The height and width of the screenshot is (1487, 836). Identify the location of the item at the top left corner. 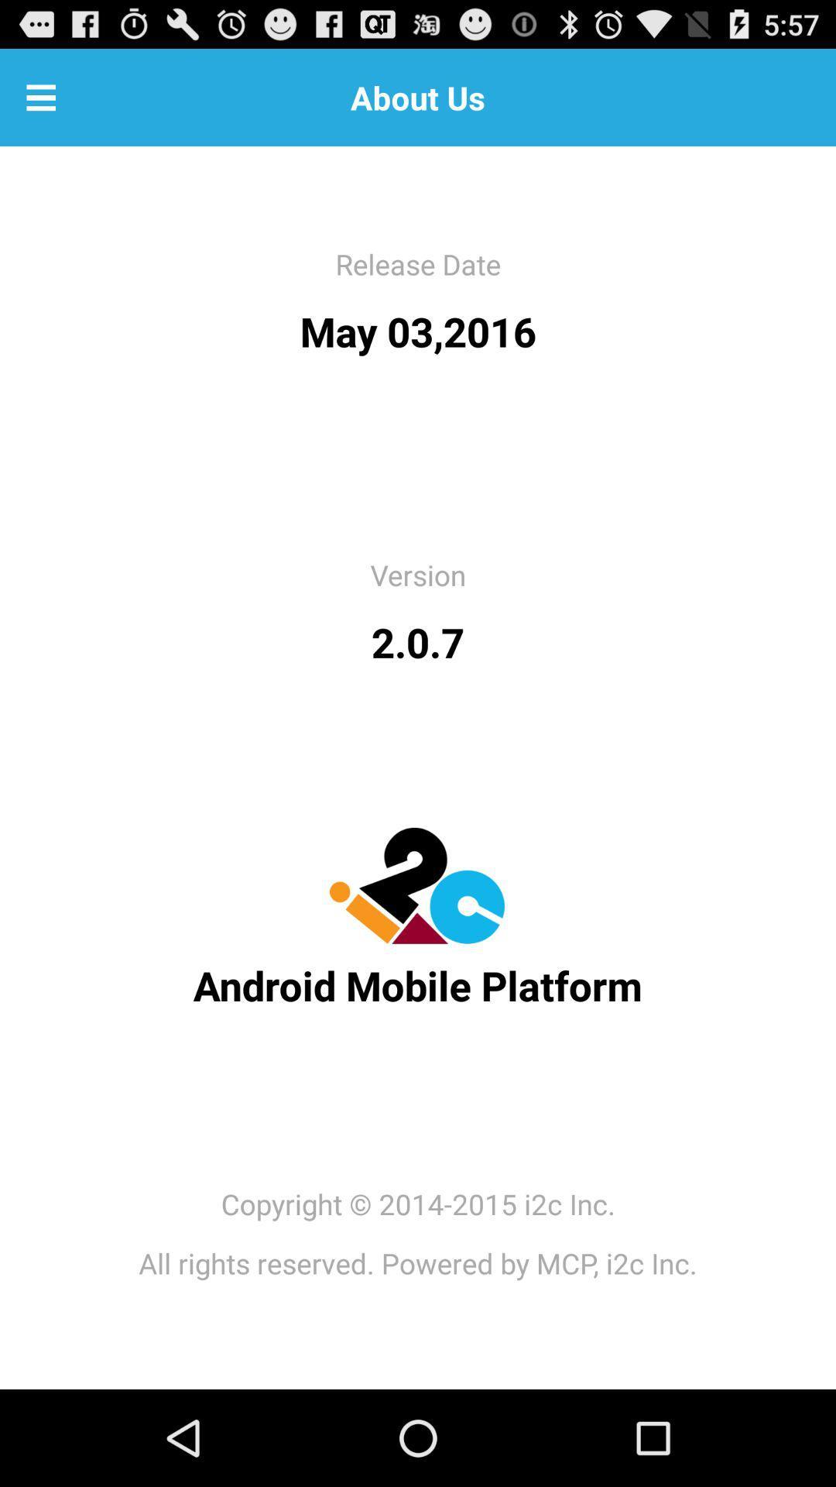
(40, 96).